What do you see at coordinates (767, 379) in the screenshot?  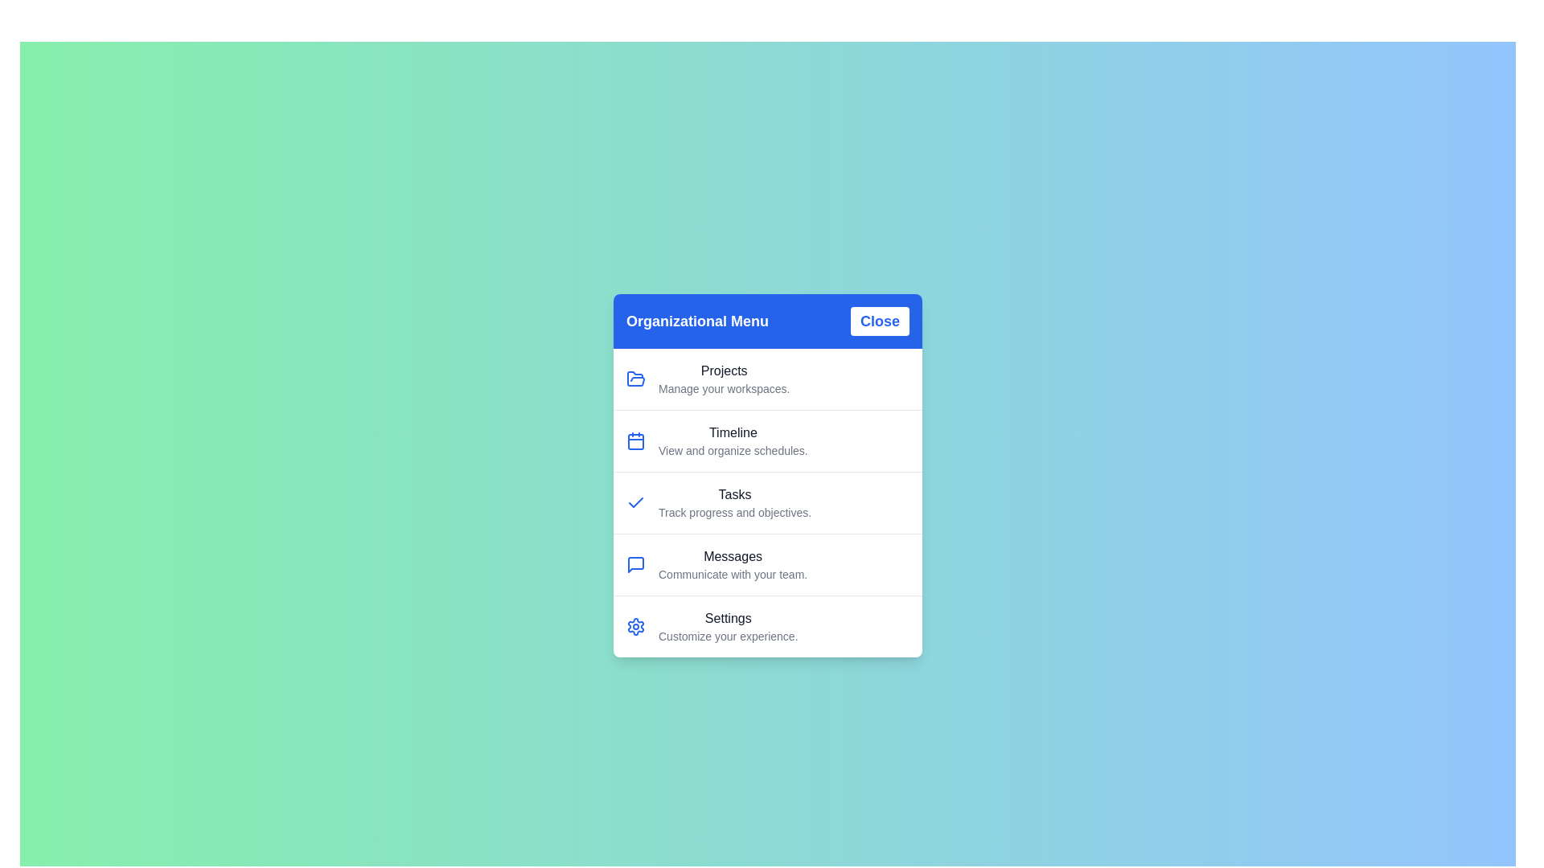 I see `the menu item labeled Projects to trigger its hover state` at bounding box center [767, 379].